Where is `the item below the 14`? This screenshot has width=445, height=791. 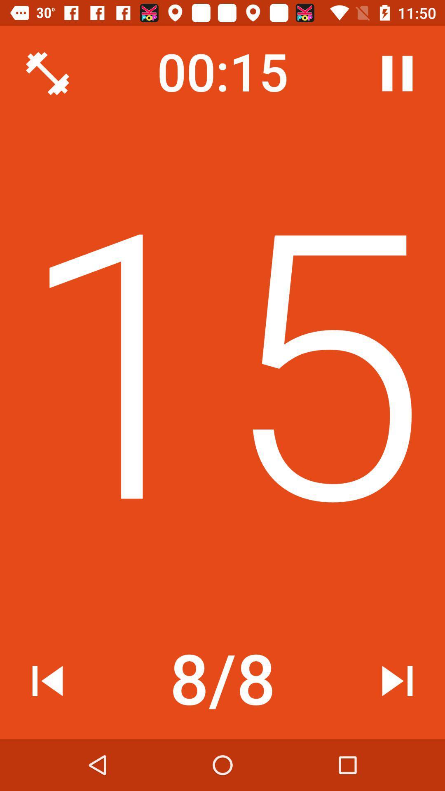
the item below the 14 is located at coordinates (222, 681).